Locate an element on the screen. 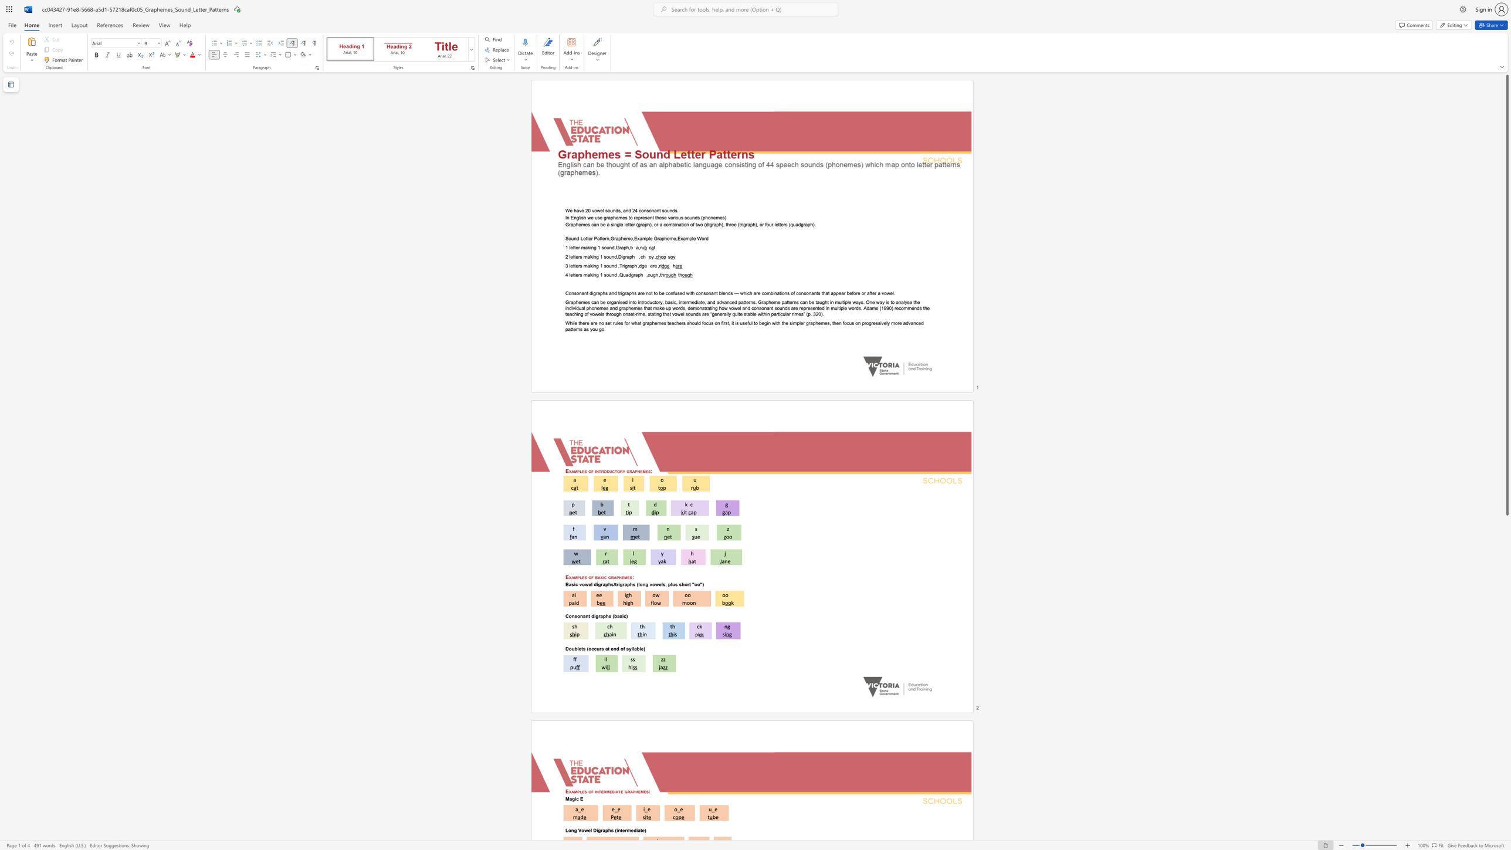 The image size is (1511, 850). the scrollbar to scroll downward is located at coordinates (1506, 735).